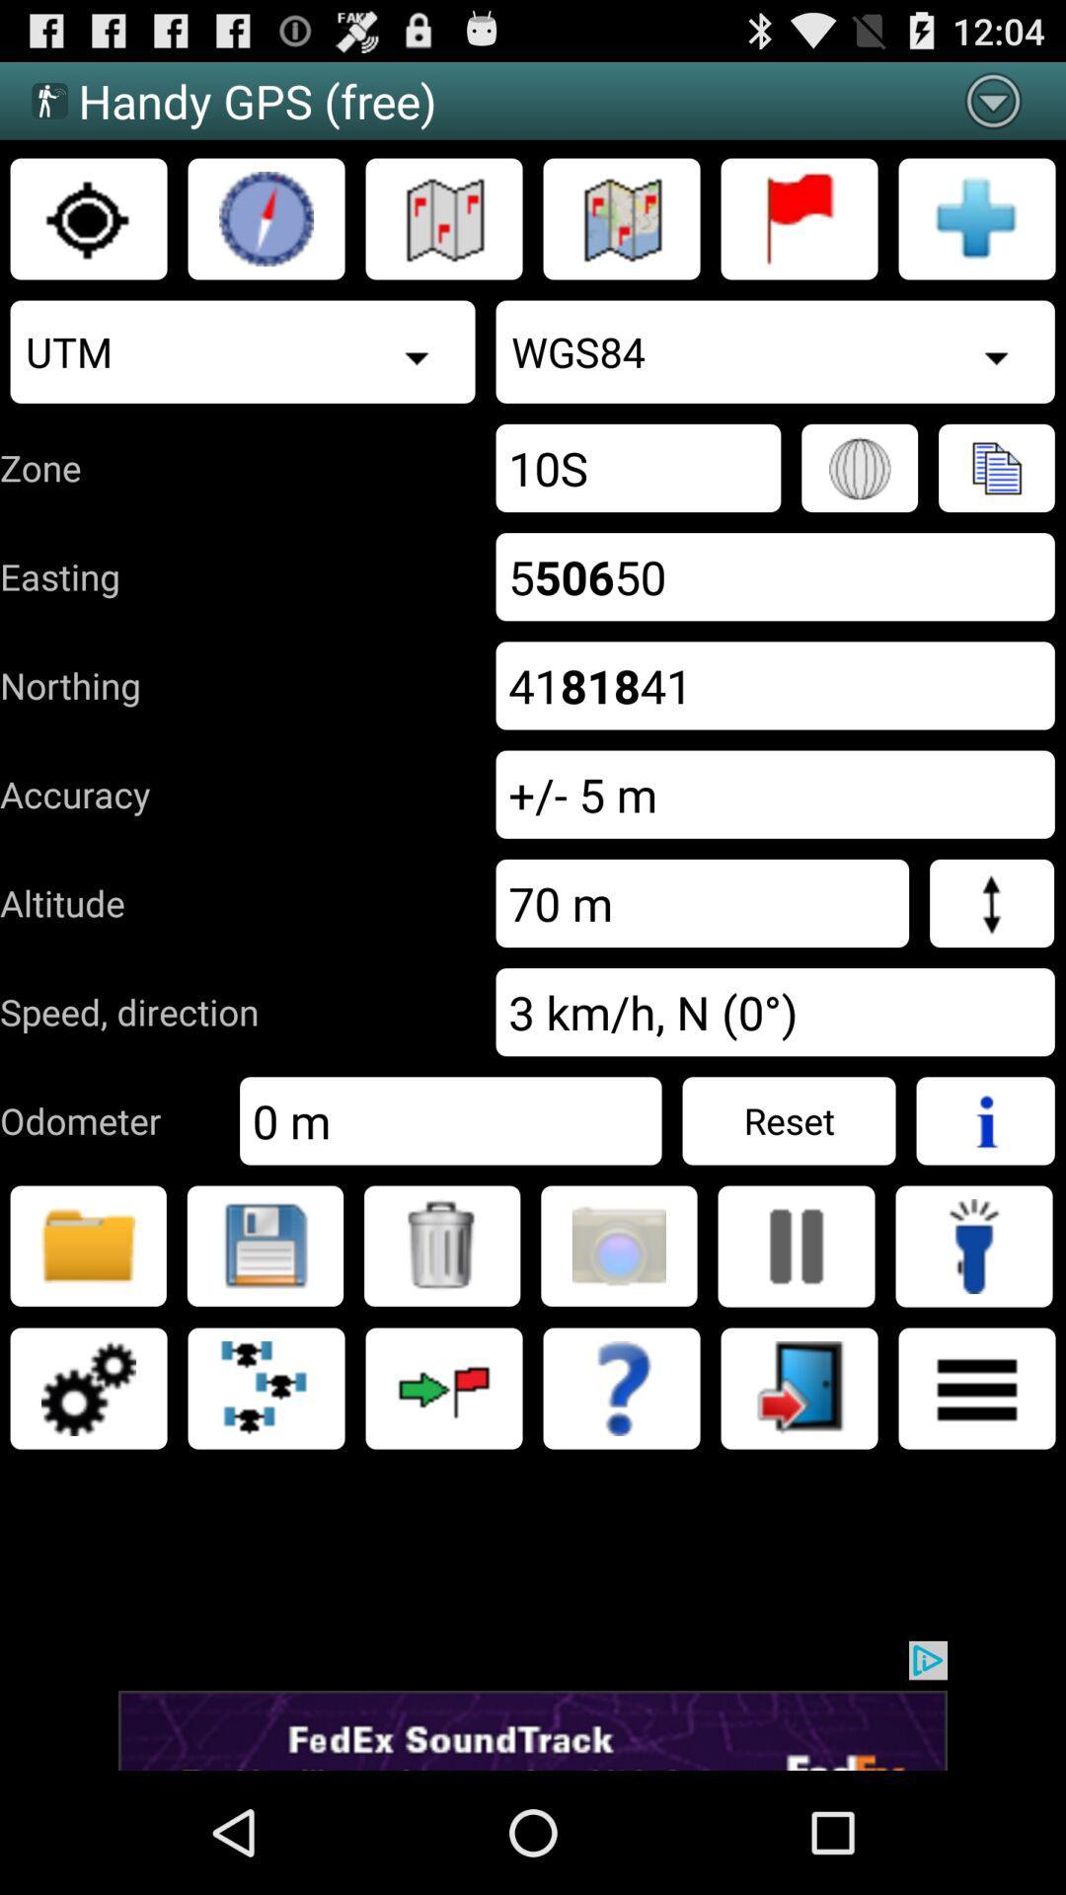 Image resolution: width=1066 pixels, height=1895 pixels. What do you see at coordinates (620, 1387) in the screenshot?
I see `help icon symbol` at bounding box center [620, 1387].